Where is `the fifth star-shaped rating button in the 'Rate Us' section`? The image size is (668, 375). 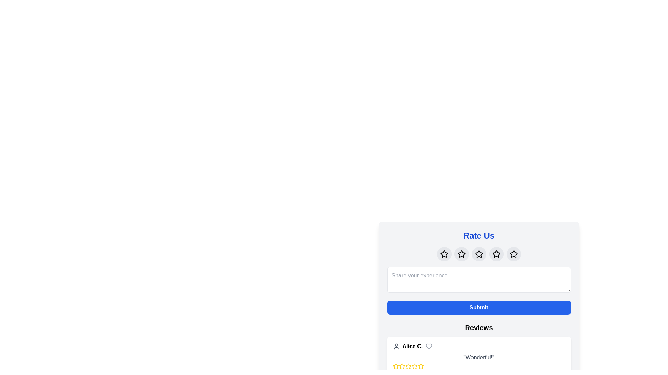
the fifth star-shaped rating button in the 'Rate Us' section is located at coordinates (514, 254).